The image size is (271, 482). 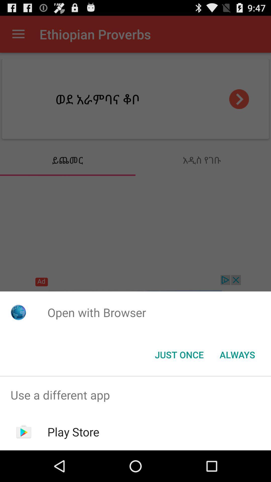 I want to click on item at the bottom right corner, so click(x=237, y=354).